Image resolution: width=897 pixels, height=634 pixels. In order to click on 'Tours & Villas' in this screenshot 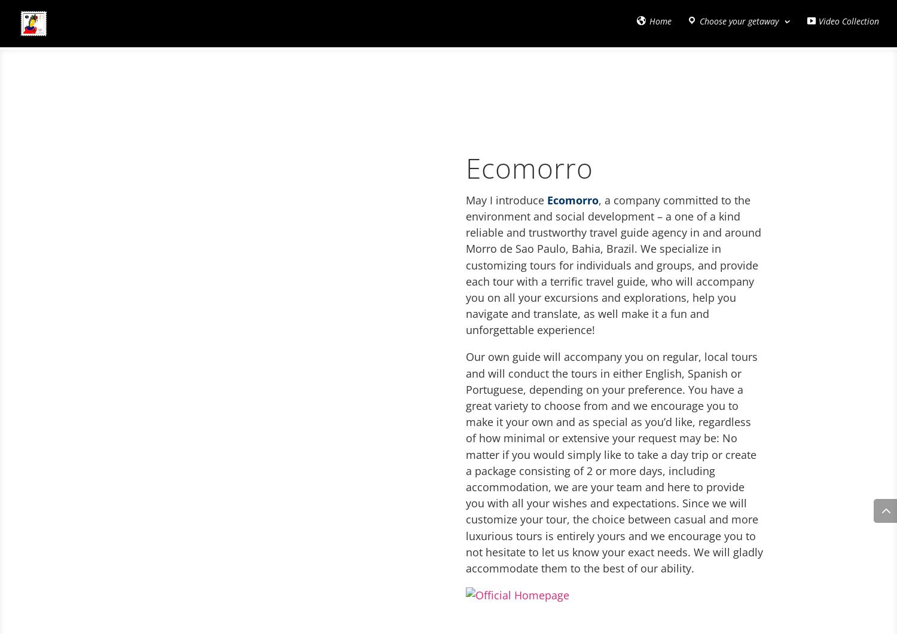, I will do `click(81, 78)`.